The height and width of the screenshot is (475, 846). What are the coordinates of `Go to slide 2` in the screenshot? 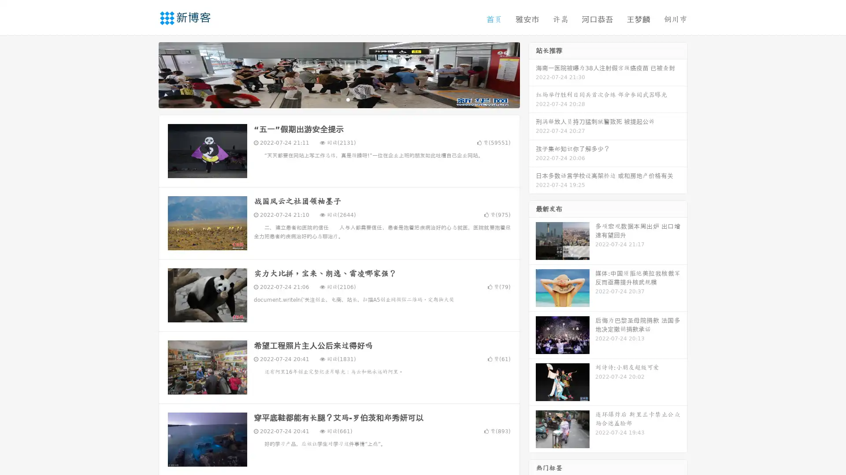 It's located at (338, 99).